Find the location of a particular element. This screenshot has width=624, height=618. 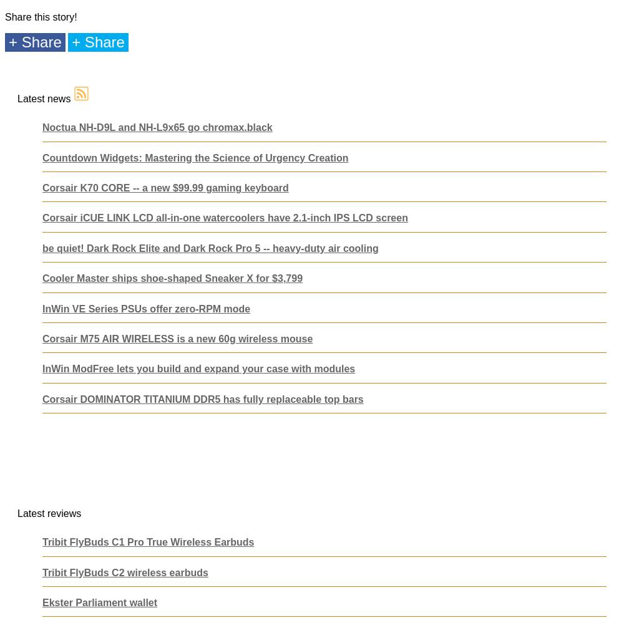

'Corsair iCUE LINK LCD all-in-one watercoolers have 2.1-inch IPS LCD screen' is located at coordinates (224, 218).